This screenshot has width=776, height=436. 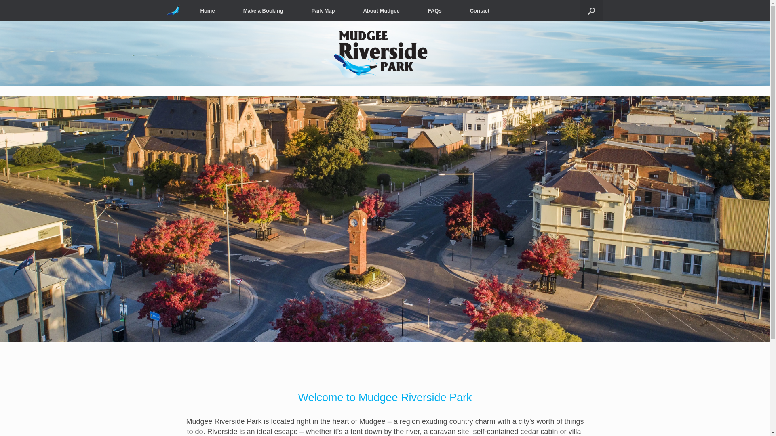 I want to click on 'About Mudgee', so click(x=380, y=10).